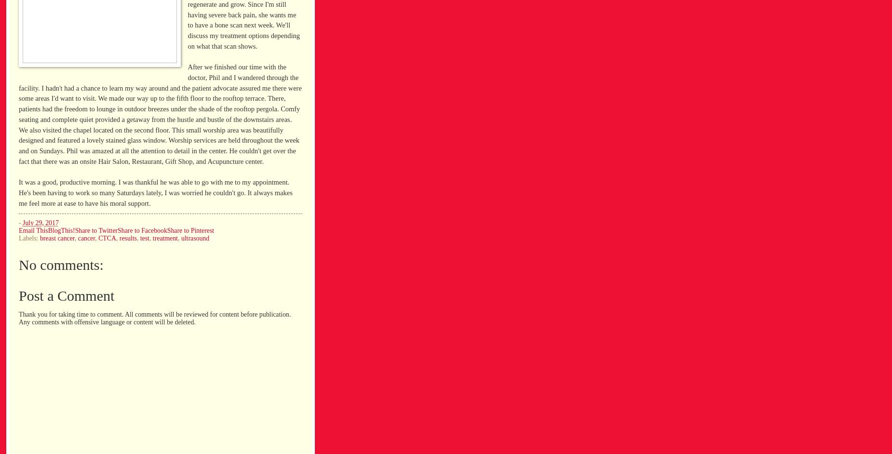 The height and width of the screenshot is (454, 892). What do you see at coordinates (151, 238) in the screenshot?
I see `'treatment'` at bounding box center [151, 238].